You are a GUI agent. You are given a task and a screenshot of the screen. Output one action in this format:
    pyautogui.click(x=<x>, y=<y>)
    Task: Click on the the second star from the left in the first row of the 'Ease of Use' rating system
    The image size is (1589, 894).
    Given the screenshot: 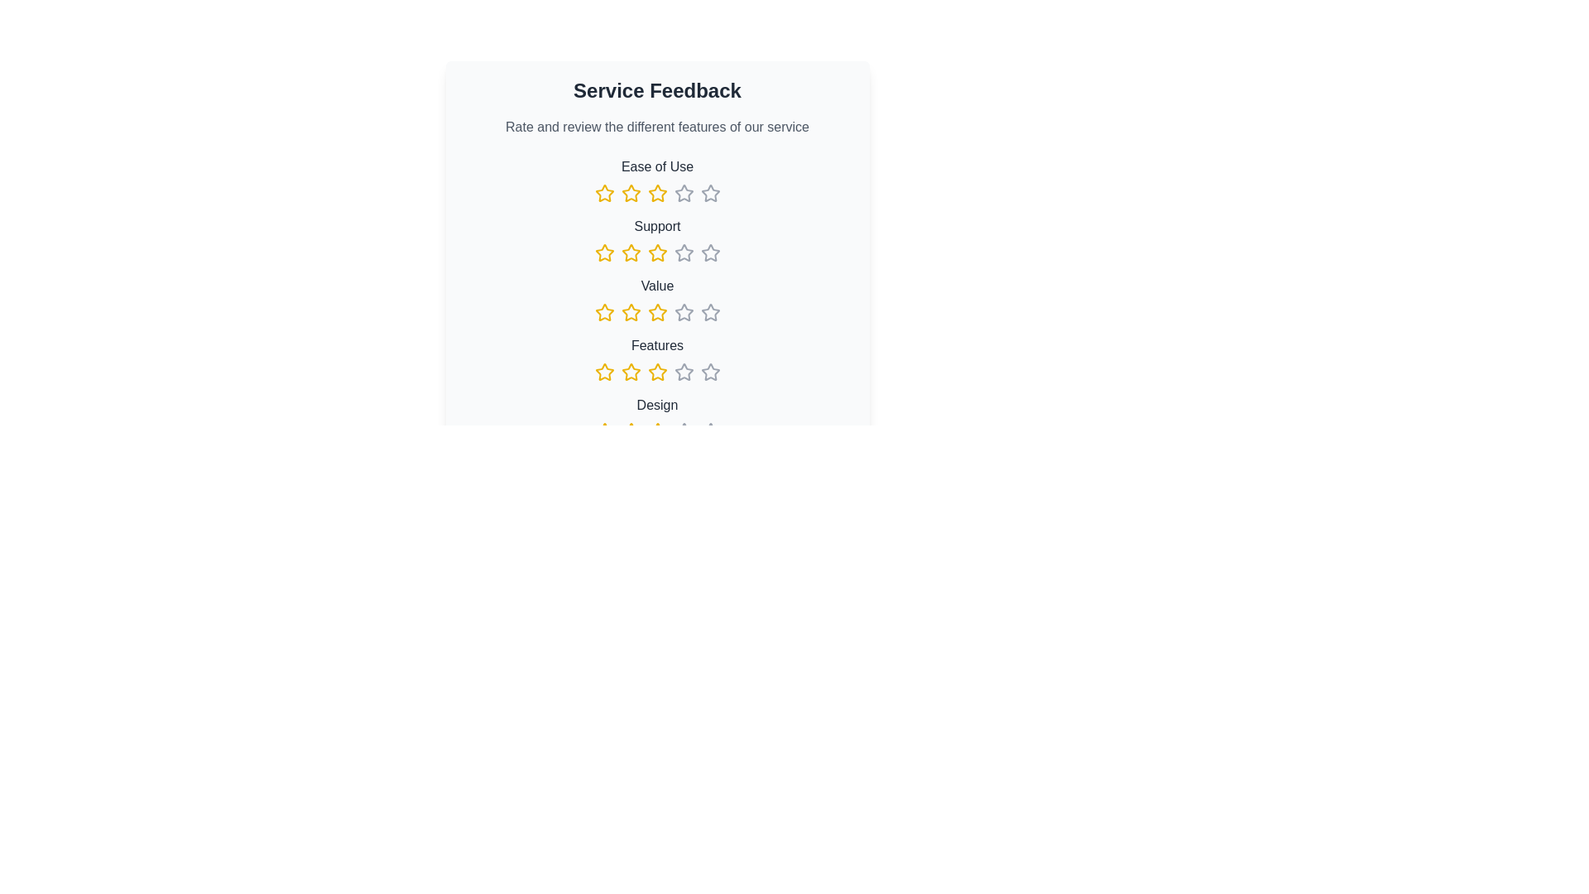 What is the action you would take?
    pyautogui.click(x=630, y=192)
    